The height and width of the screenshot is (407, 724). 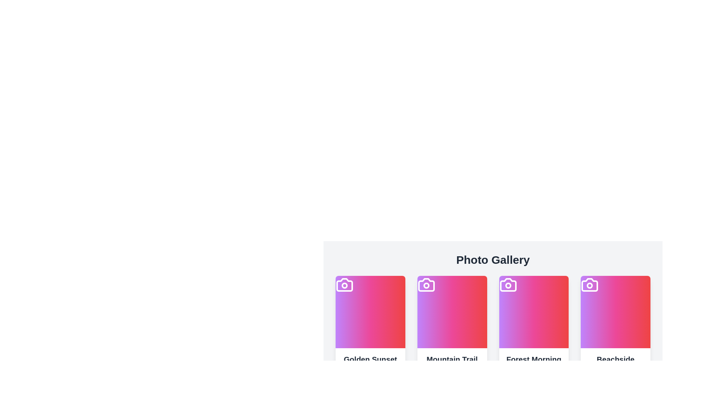 What do you see at coordinates (426, 286) in the screenshot?
I see `the decorative circle representing the camera lens in the second photo card of the grid for 'Mountain Trail'` at bounding box center [426, 286].